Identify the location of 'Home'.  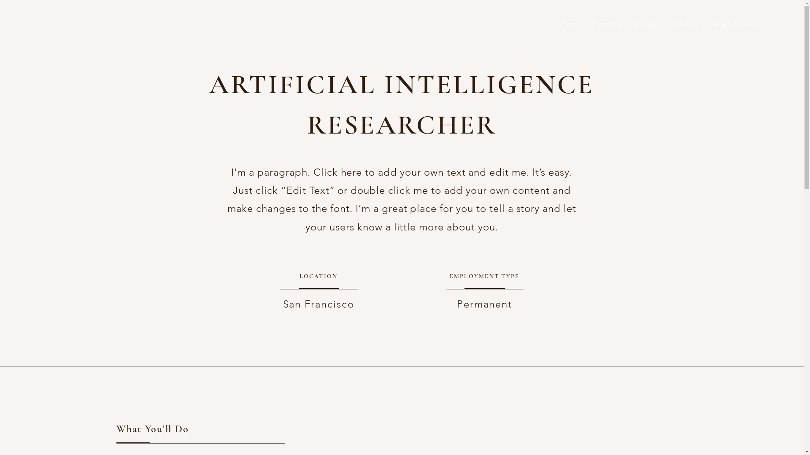
(555, 23).